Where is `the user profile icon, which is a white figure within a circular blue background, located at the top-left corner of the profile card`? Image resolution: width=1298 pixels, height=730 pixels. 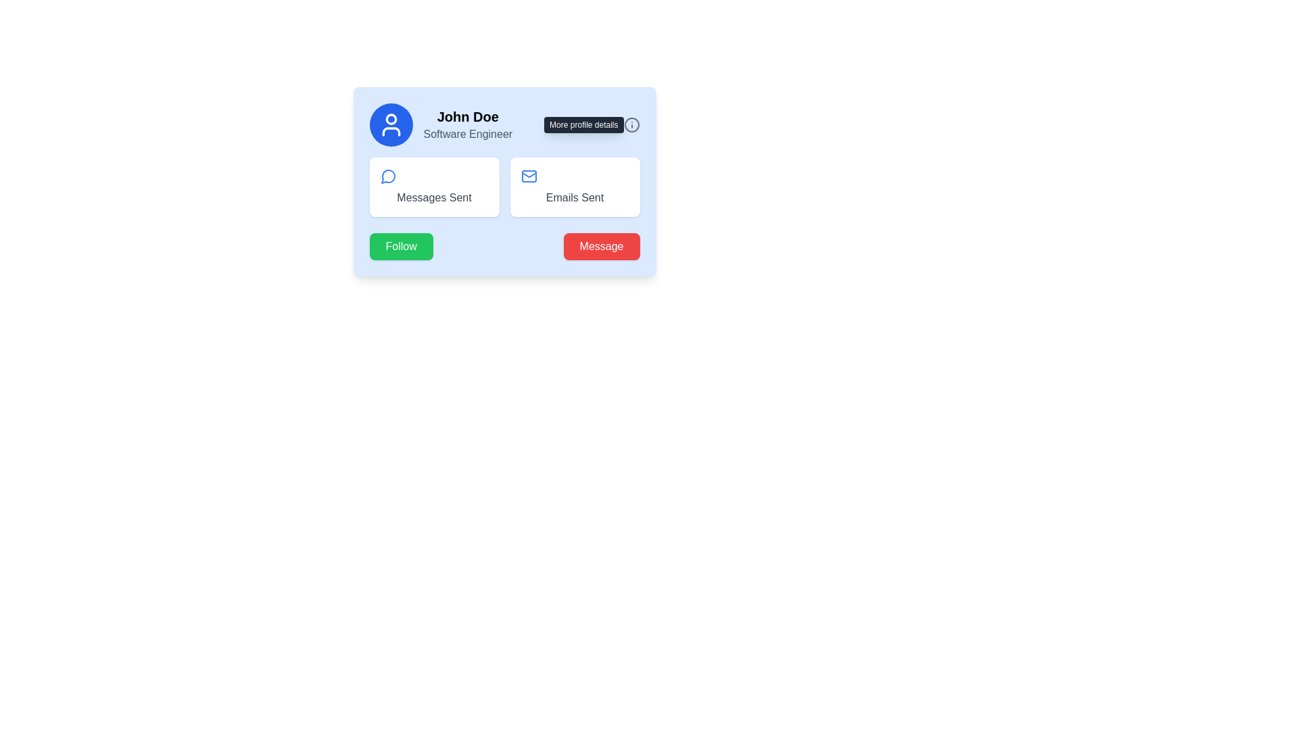 the user profile icon, which is a white figure within a circular blue background, located at the top-left corner of the profile card is located at coordinates (390, 125).